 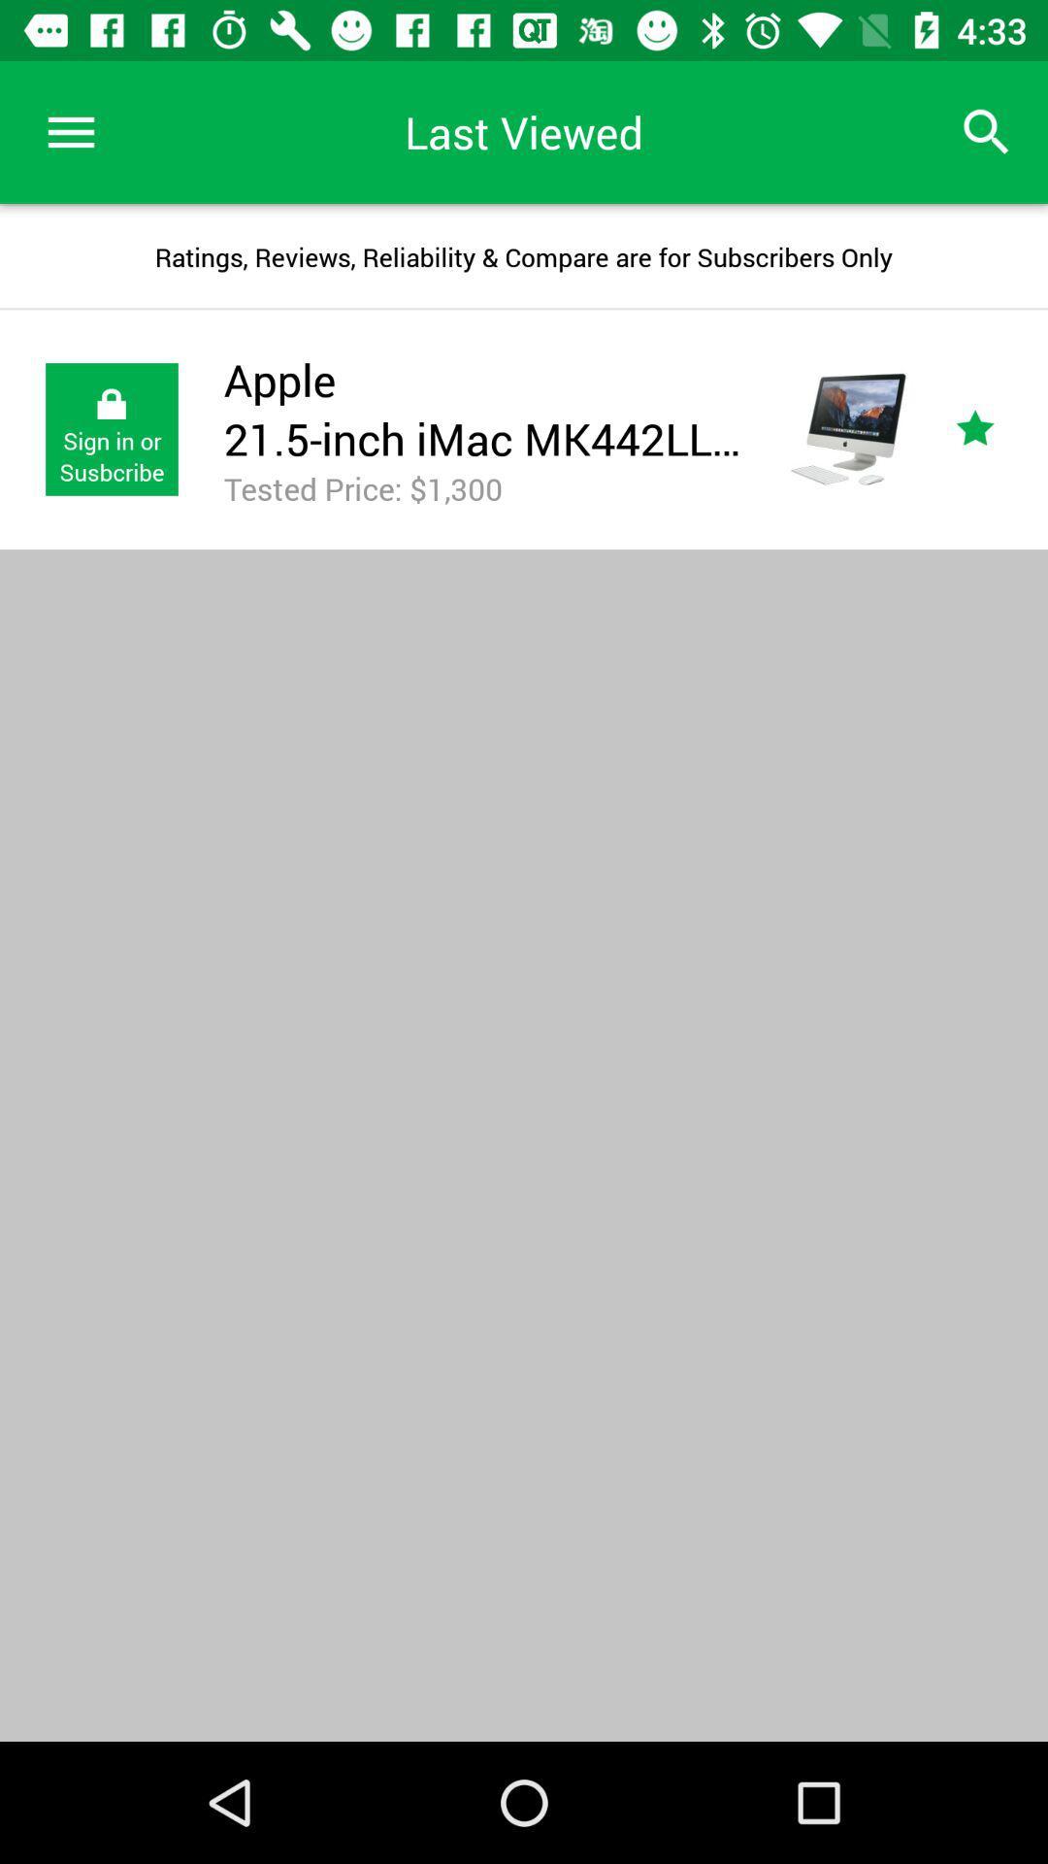 I want to click on this item, so click(x=997, y=428).